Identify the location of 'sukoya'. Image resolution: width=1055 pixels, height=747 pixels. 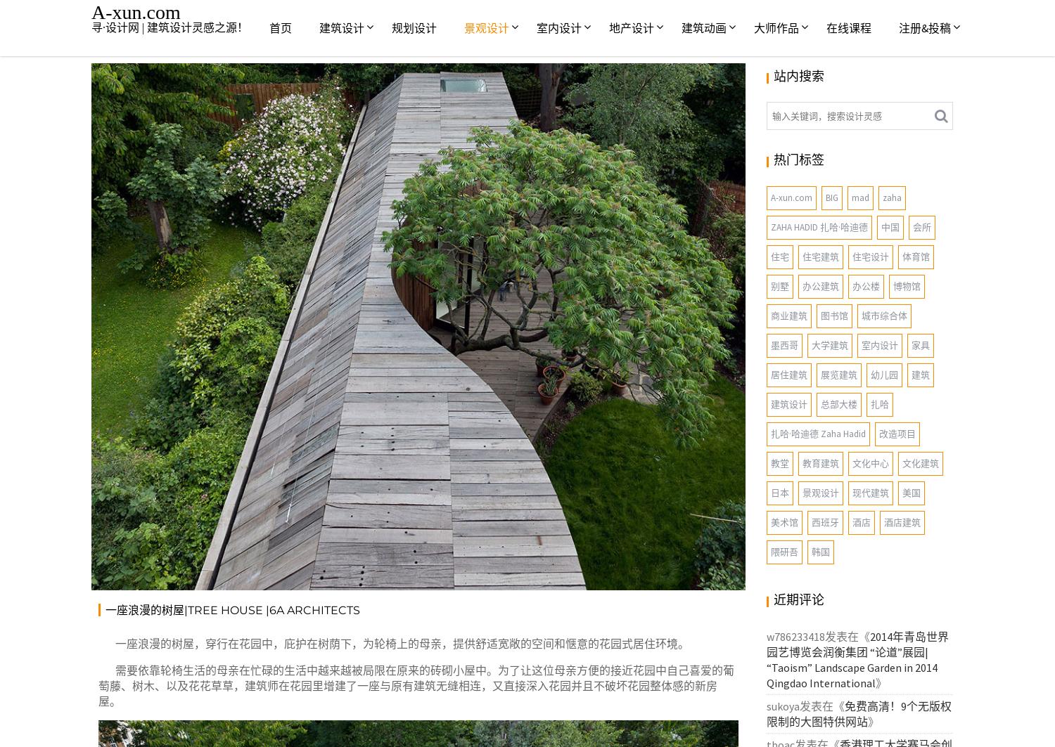
(766, 705).